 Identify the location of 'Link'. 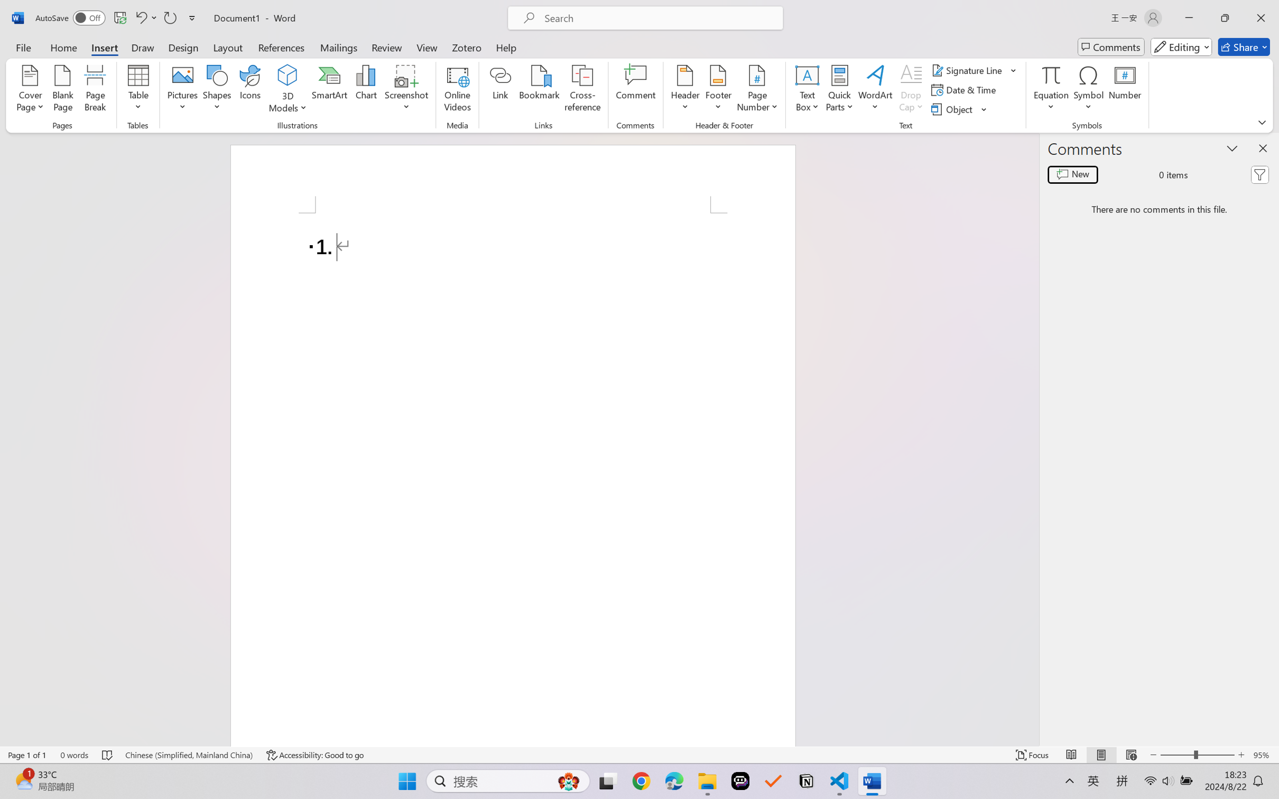
(500, 90).